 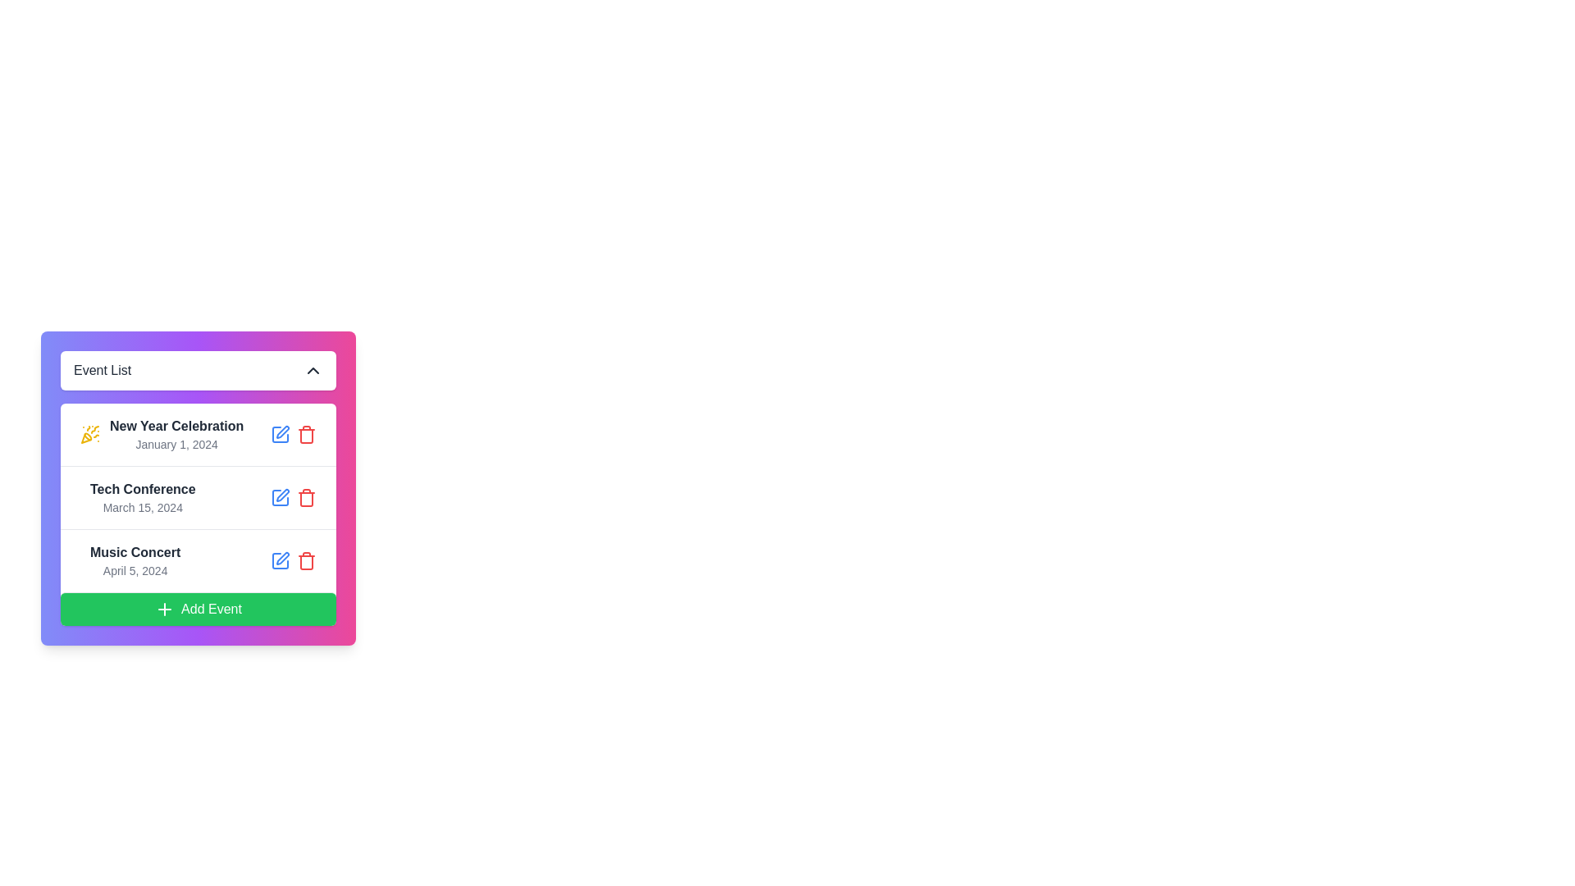 What do you see at coordinates (89, 433) in the screenshot?
I see `the decorative icon representing the 'New Year Celebration' event, located at the top-left corner of the event entry in the list of events` at bounding box center [89, 433].